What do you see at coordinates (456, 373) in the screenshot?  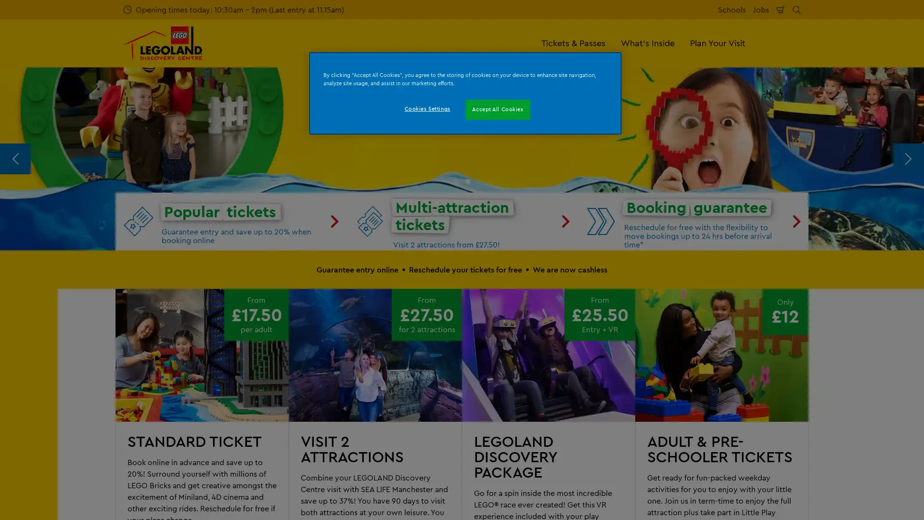 I see `Go to slide 1` at bounding box center [456, 373].